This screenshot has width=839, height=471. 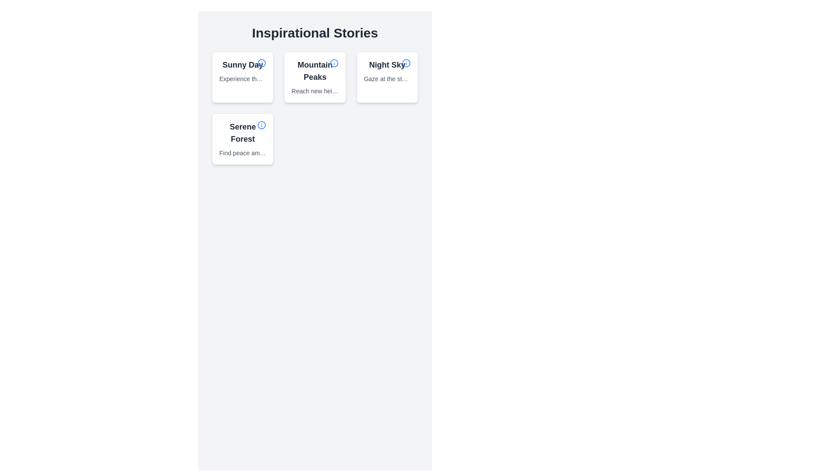 I want to click on brief description provided by the Text label positioned below the title 'Night Sky' within the top-right corner of the card layout, so click(x=387, y=79).